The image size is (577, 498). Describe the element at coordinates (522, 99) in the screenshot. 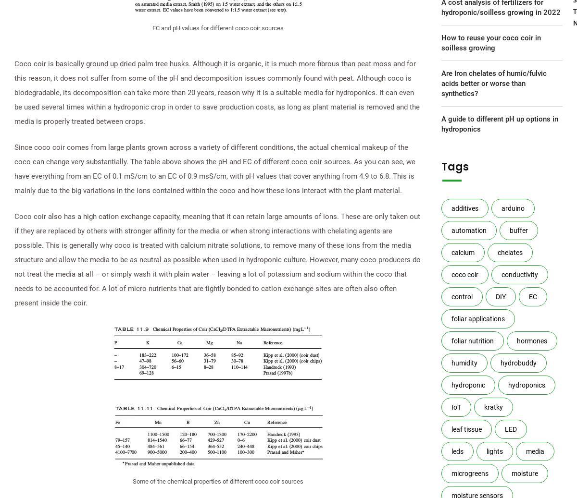

I see `'Pro (small scale)'` at that location.